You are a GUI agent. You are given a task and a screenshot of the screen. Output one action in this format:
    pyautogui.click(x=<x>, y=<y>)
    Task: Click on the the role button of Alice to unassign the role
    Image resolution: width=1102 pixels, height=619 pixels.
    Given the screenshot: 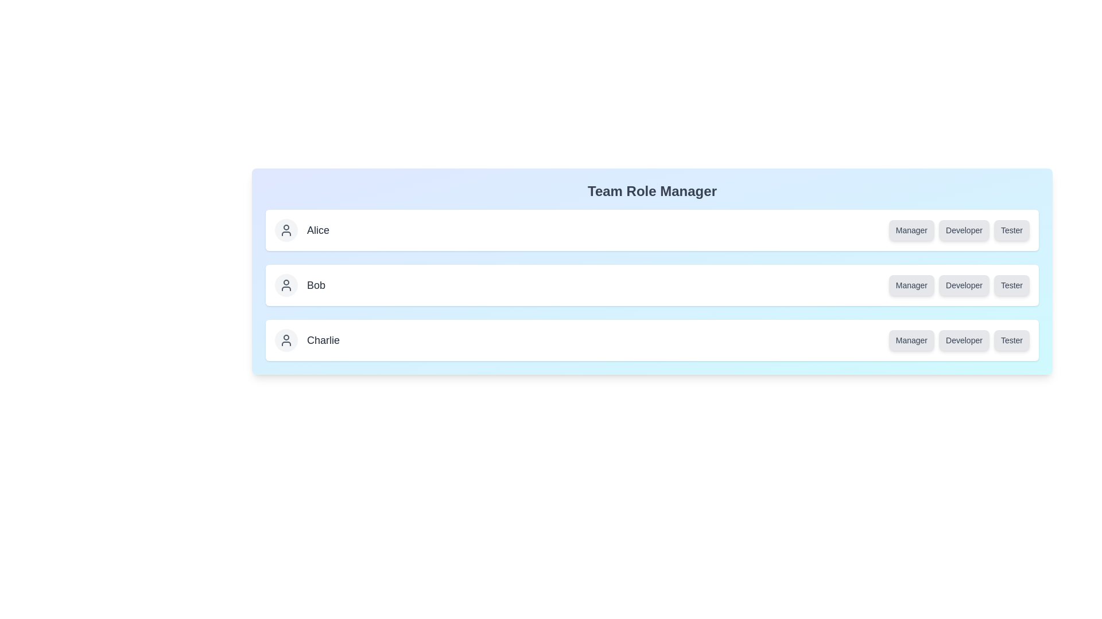 What is the action you would take?
    pyautogui.click(x=911, y=230)
    